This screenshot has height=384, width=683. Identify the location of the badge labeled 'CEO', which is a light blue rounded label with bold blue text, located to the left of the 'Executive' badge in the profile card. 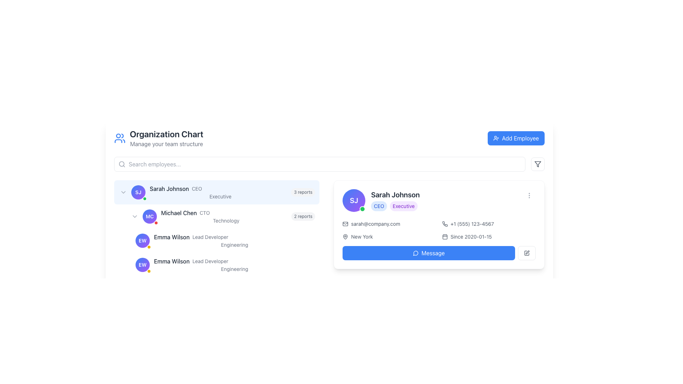
(378, 206).